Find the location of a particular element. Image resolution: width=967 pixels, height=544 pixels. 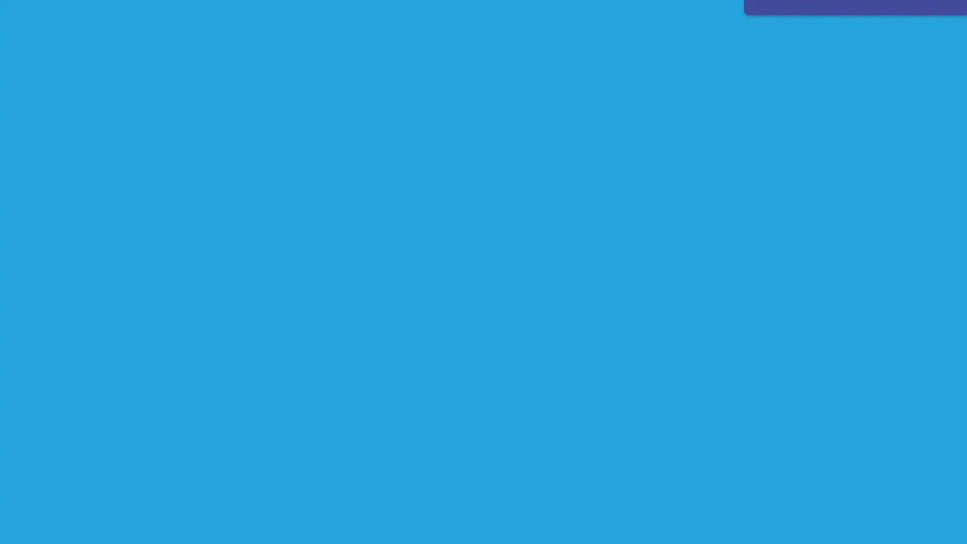

RENEW is located at coordinates (614, 32).